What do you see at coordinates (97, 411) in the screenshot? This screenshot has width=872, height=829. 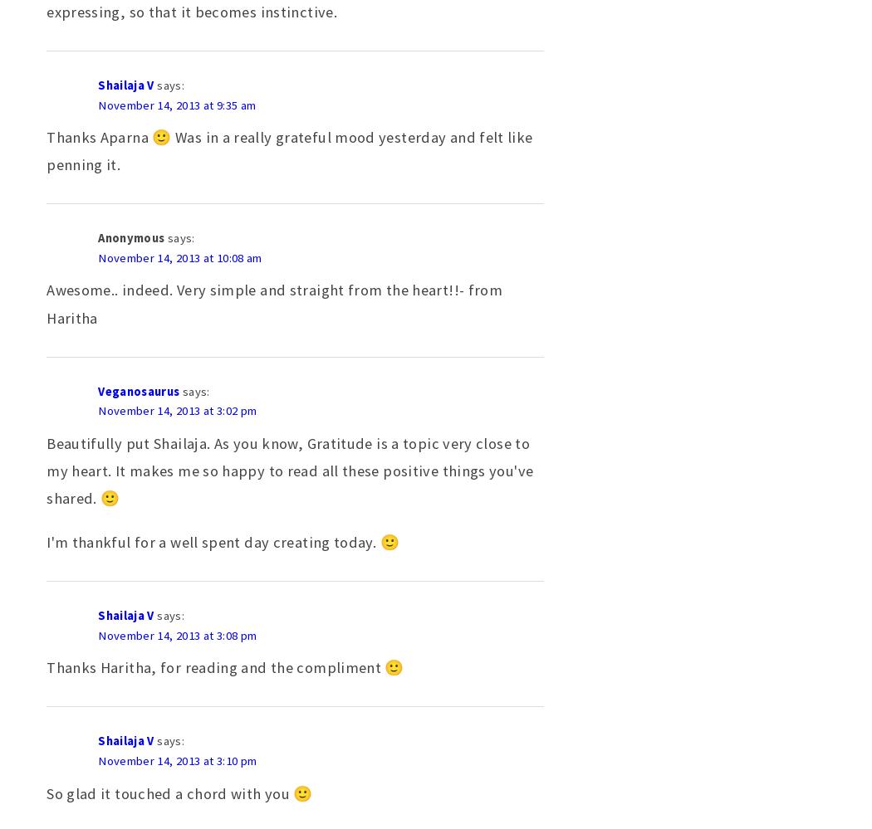 I see `'November 14, 2013 at 3:02 pm'` at bounding box center [97, 411].